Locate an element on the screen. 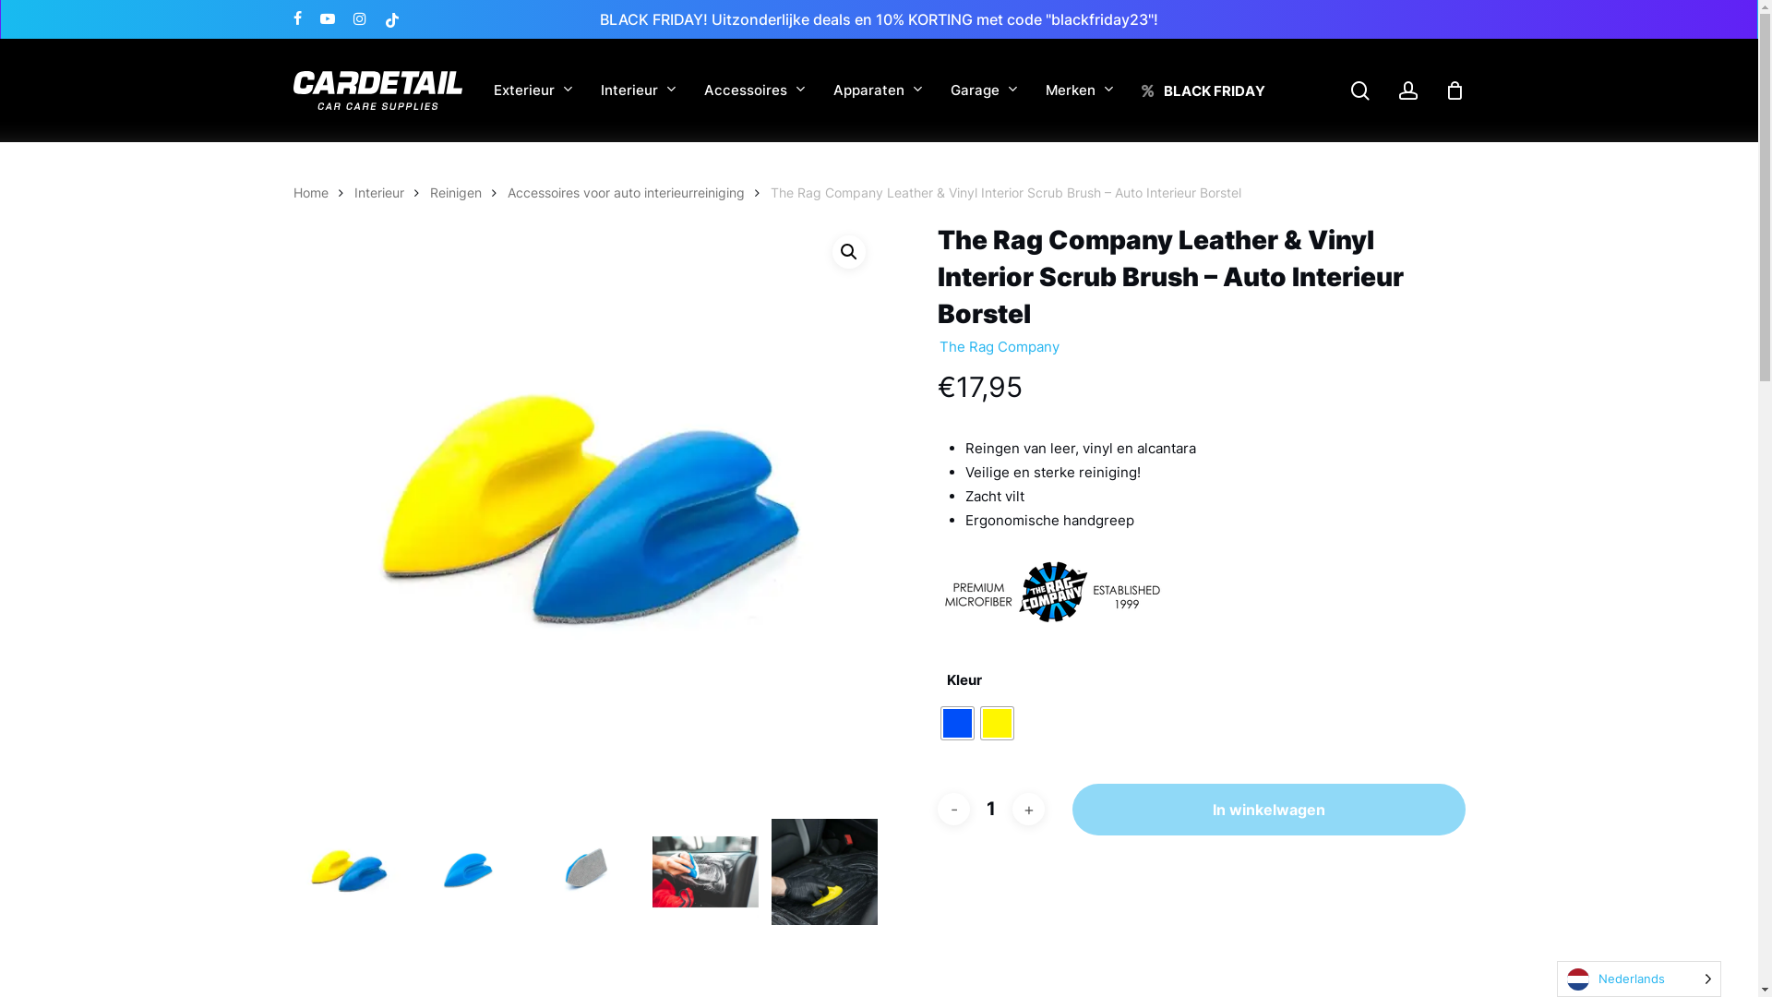 The height and width of the screenshot is (997, 1772). 'tiktok' is located at coordinates (389, 18).